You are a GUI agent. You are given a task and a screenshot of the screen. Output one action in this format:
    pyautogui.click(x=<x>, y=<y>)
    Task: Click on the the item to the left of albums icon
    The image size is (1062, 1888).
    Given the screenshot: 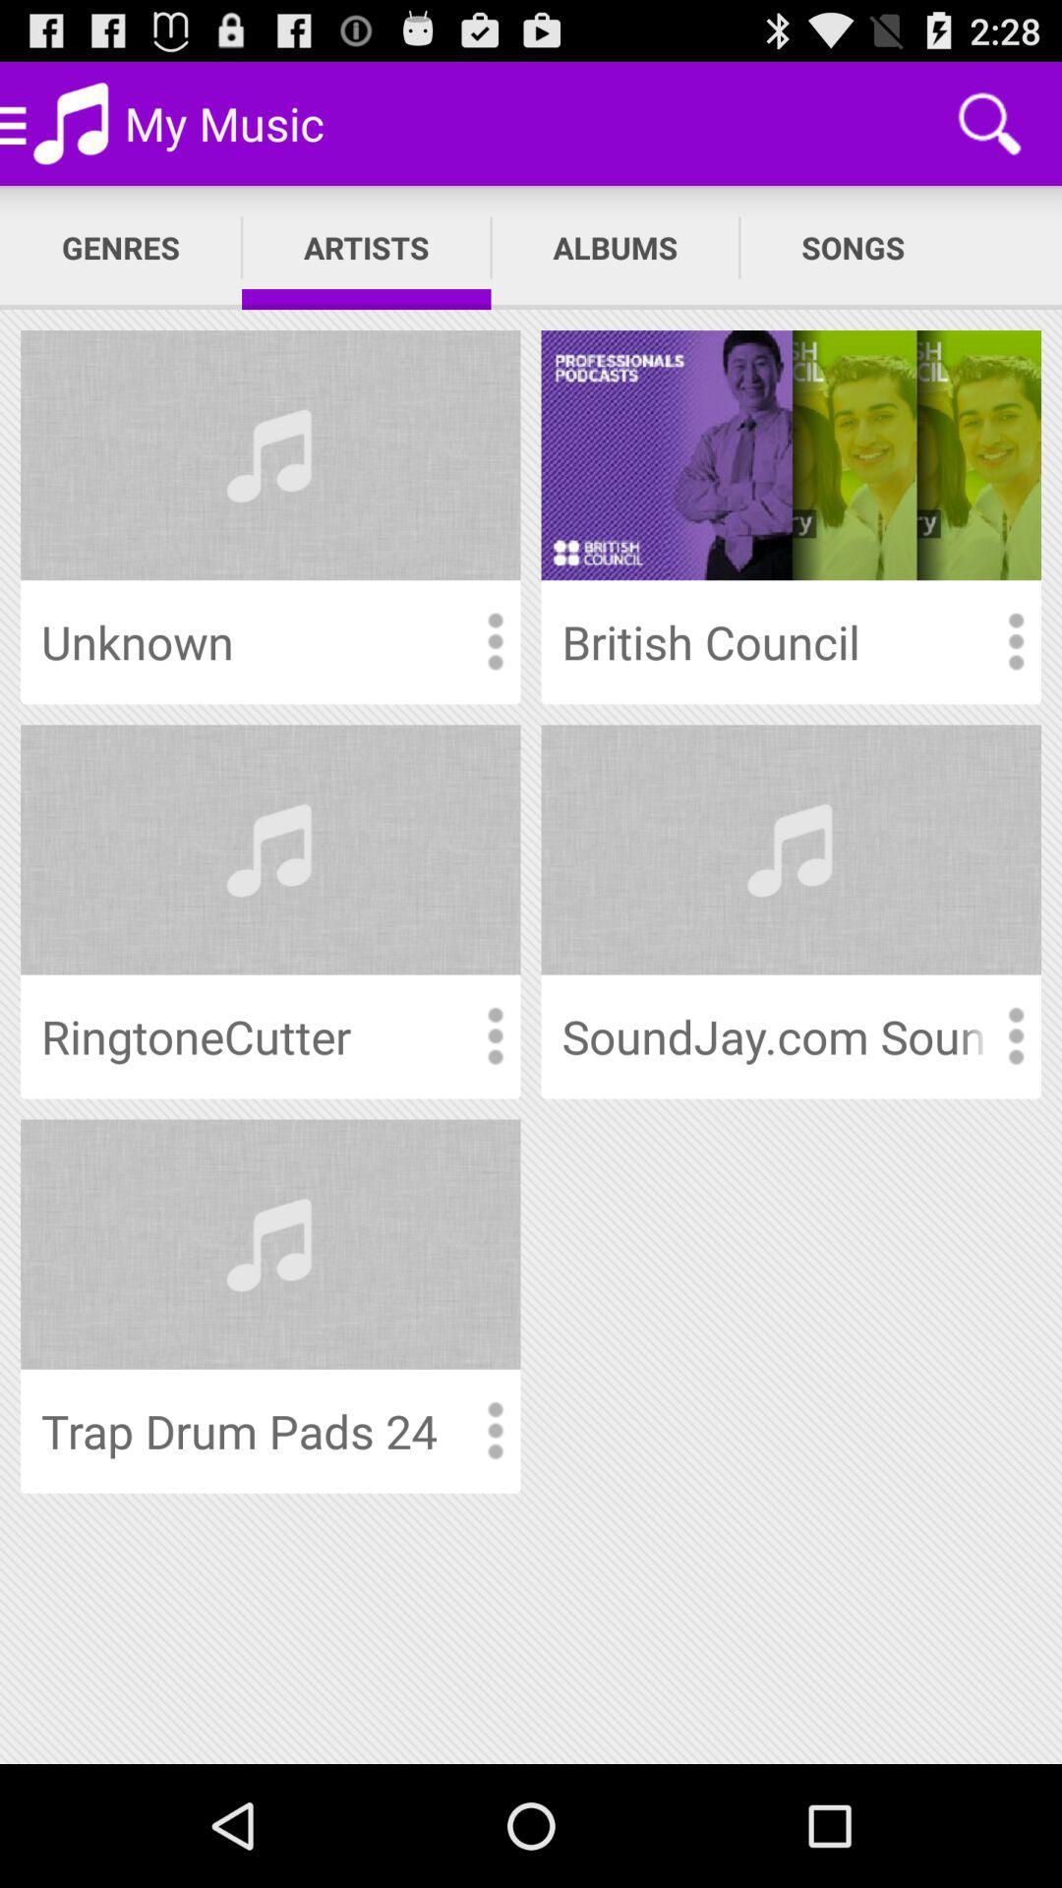 What is the action you would take?
    pyautogui.click(x=366, y=247)
    